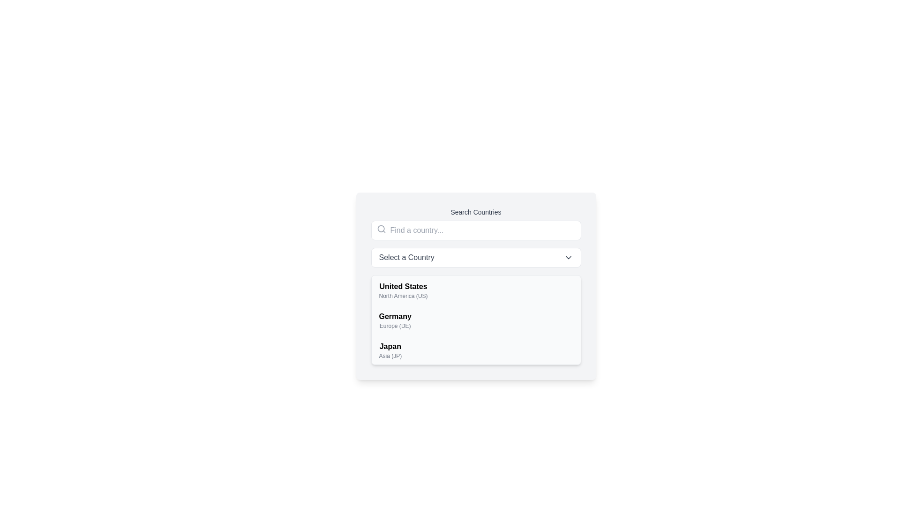 This screenshot has width=900, height=506. What do you see at coordinates (390, 356) in the screenshot?
I see `the small light gray text element displaying 'Asia (JP)', located directly below the bold 'Japan' label in the country list` at bounding box center [390, 356].